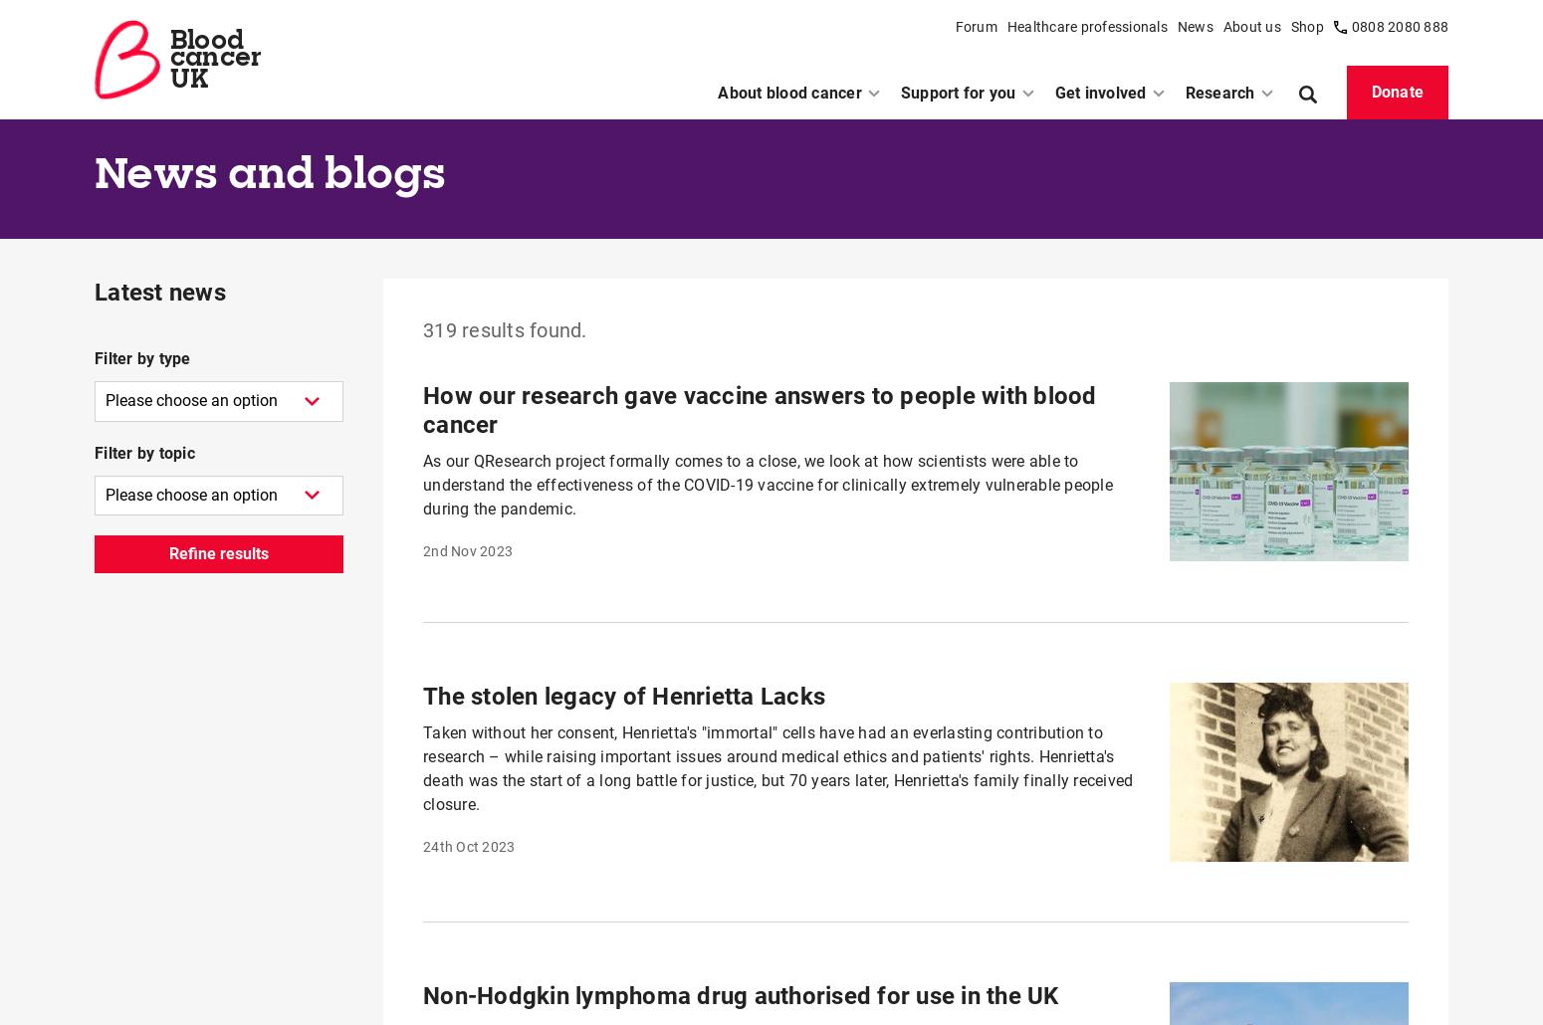  What do you see at coordinates (767, 233) in the screenshot?
I see `'"The dark times can be overcome by anyone" – David's running epiphany'` at bounding box center [767, 233].